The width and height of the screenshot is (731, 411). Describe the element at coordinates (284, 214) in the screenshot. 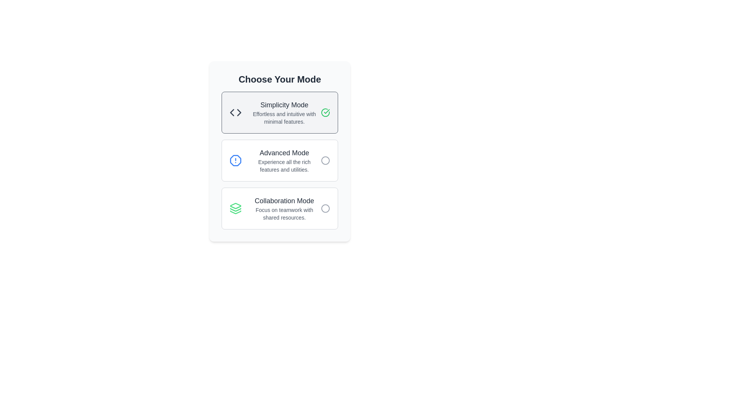

I see `the text element displaying 'Focus on teamwork with shared resources.' located below the 'Collaboration Mode' title in the bottom-right part of a card structure` at that location.